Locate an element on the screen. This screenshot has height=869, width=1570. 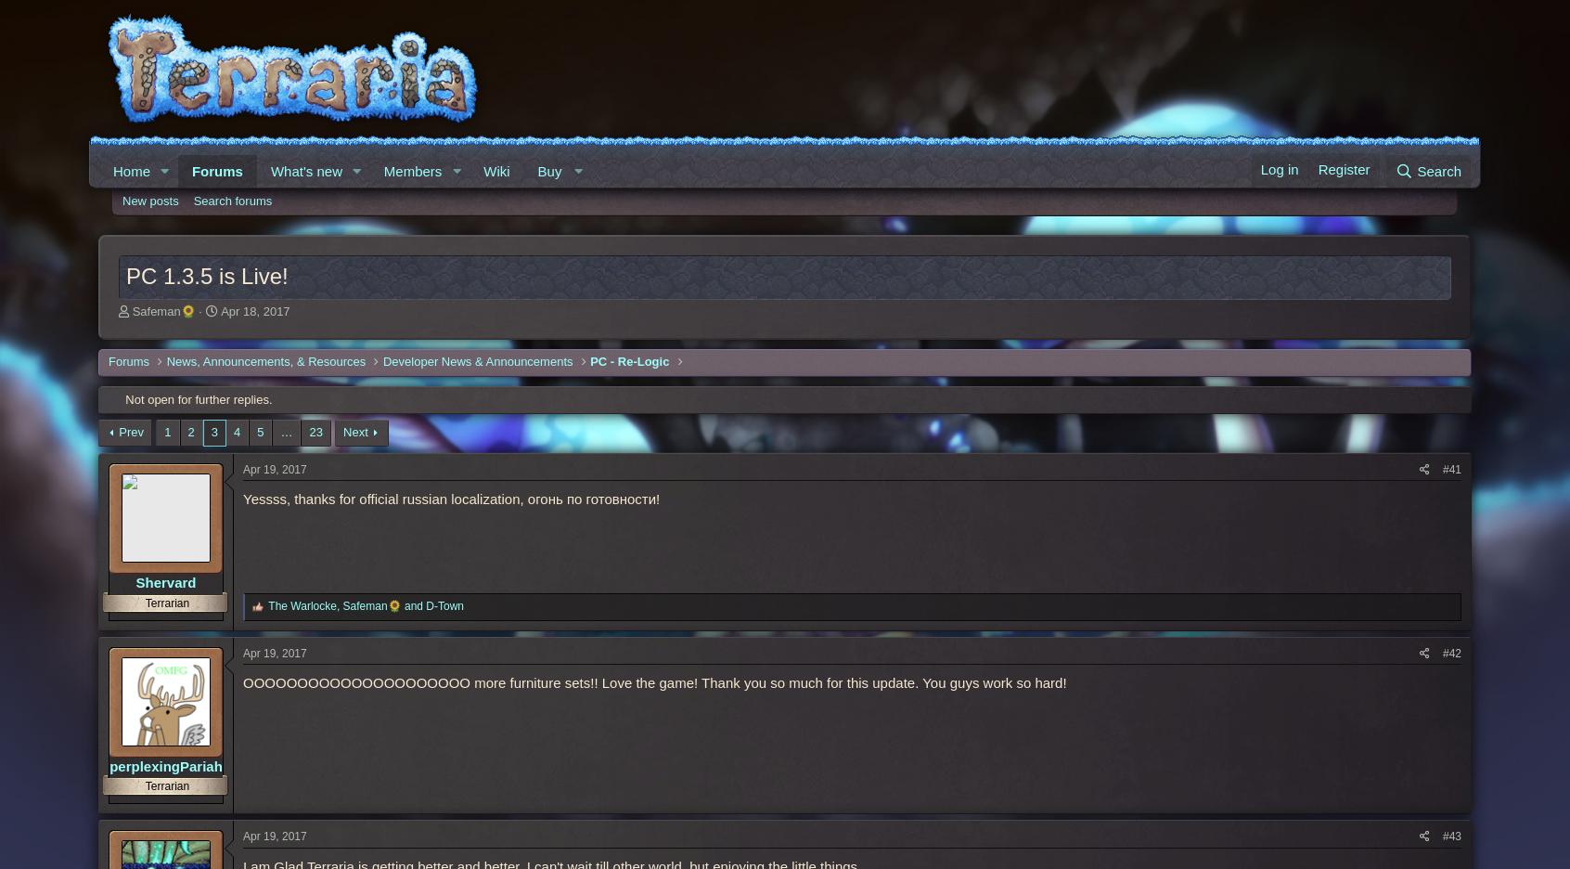
'Buy' is located at coordinates (548, 170).